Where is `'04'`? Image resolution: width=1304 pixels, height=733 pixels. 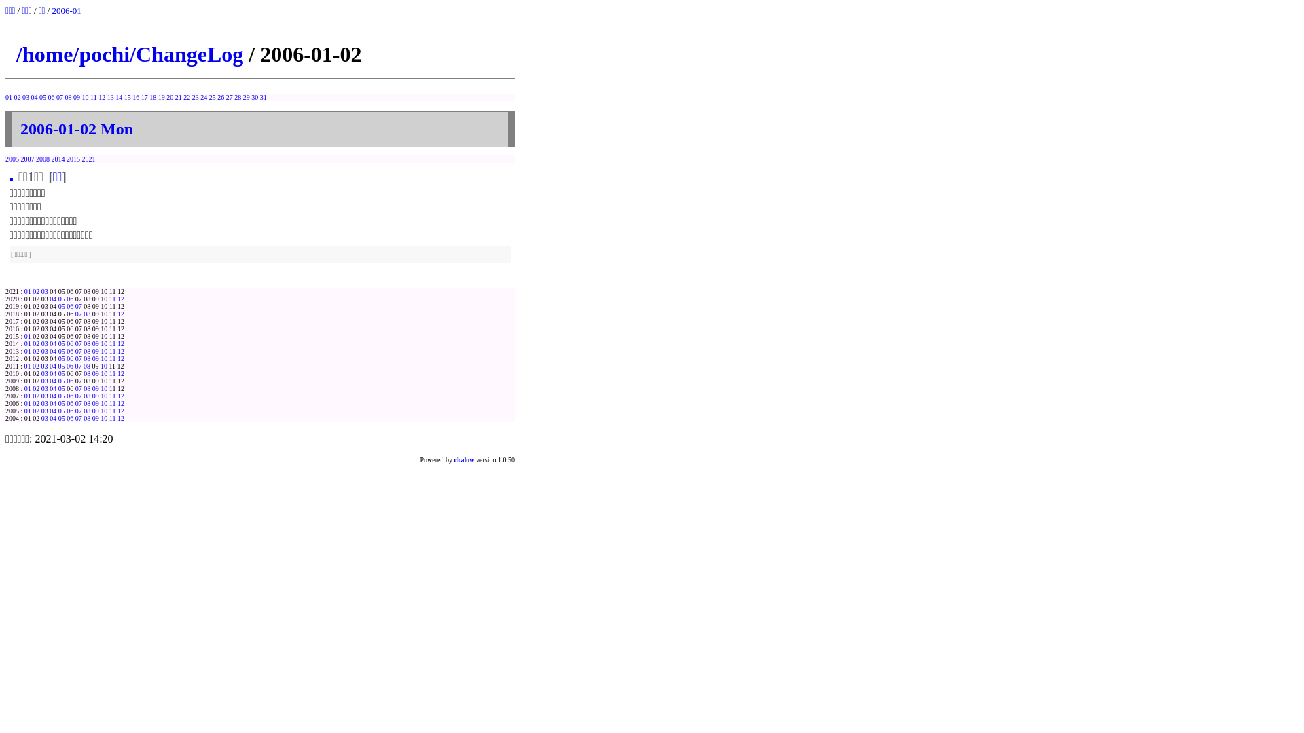
'04' is located at coordinates (49, 381).